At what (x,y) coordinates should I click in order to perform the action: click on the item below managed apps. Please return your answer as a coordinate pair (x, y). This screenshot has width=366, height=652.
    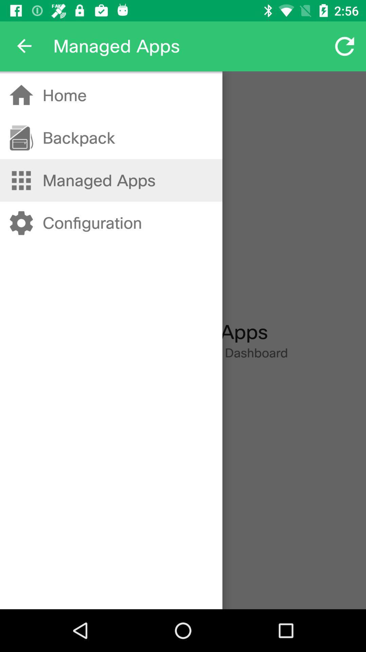
    Looking at the image, I should click on (92, 223).